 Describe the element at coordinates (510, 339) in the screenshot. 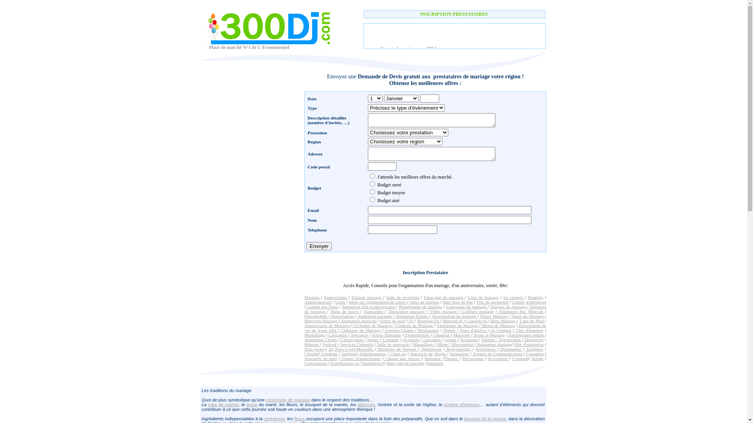

I see `'Pyrotechnie'` at that location.